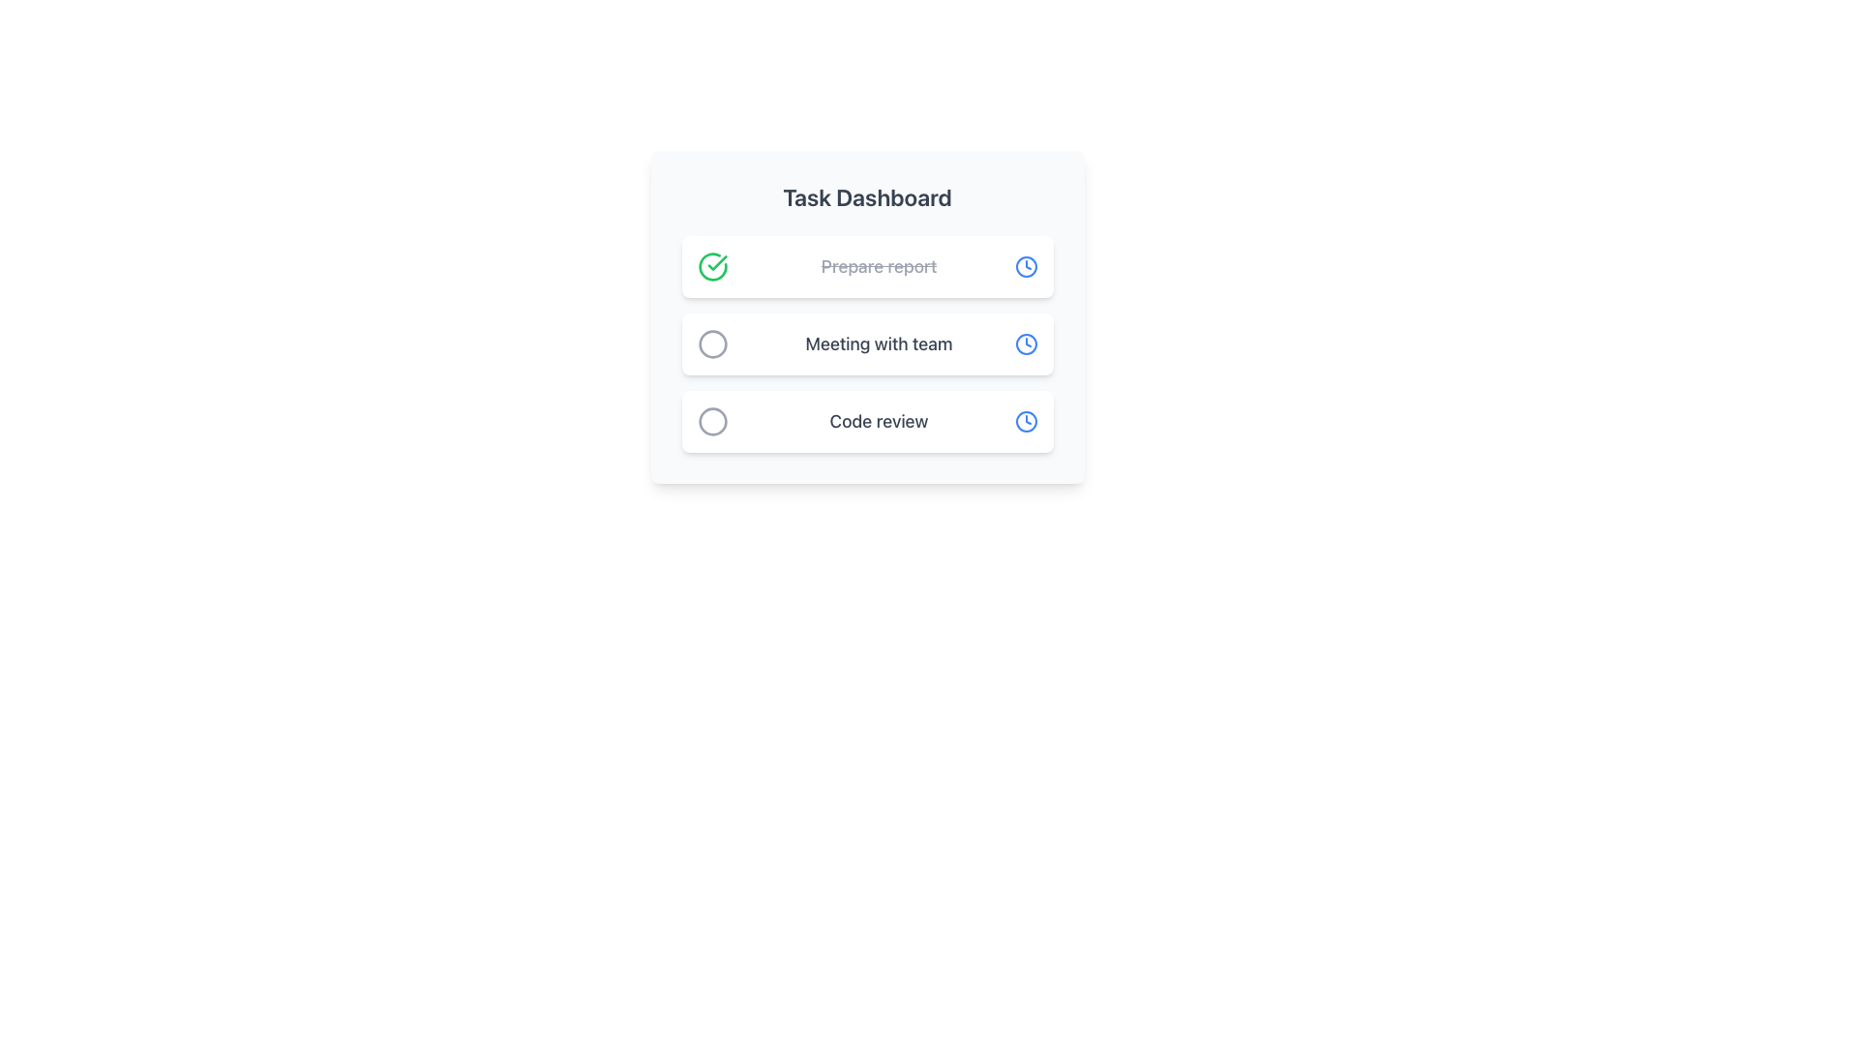 This screenshot has width=1858, height=1045. What do you see at coordinates (711, 343) in the screenshot?
I see `the status icon for the task labeled 'Meeting with team', which is the second icon in a vertical list of tasks, located between a green check mark icon and a gray circle` at bounding box center [711, 343].